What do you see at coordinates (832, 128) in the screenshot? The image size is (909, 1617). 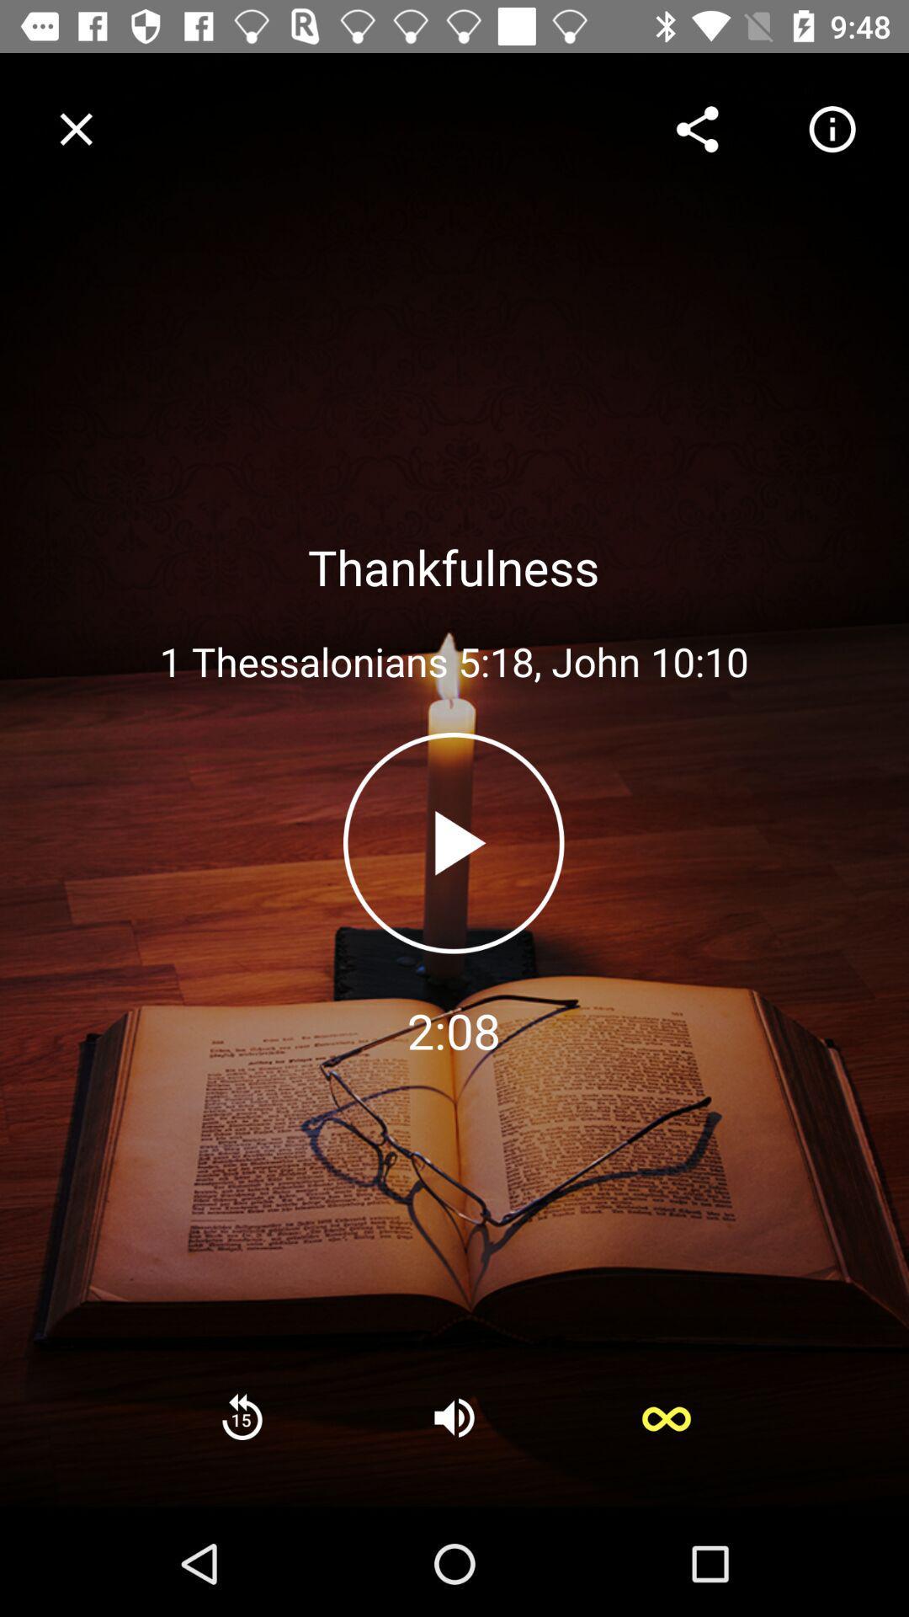 I see `the info icon` at bounding box center [832, 128].